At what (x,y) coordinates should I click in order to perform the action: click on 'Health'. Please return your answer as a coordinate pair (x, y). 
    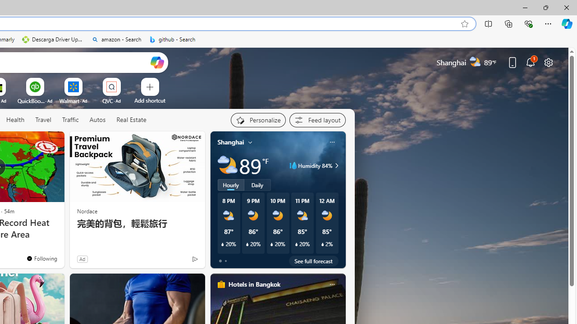
    Looking at the image, I should click on (15, 120).